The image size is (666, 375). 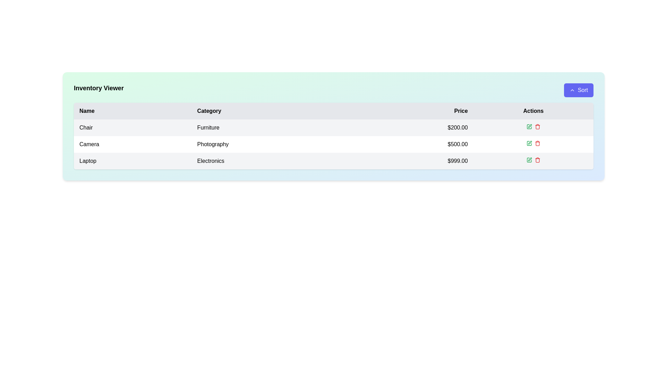 What do you see at coordinates (333, 161) in the screenshot?
I see `the third row of the data table displaying details about the product 'Laptop', which includes its category and price` at bounding box center [333, 161].